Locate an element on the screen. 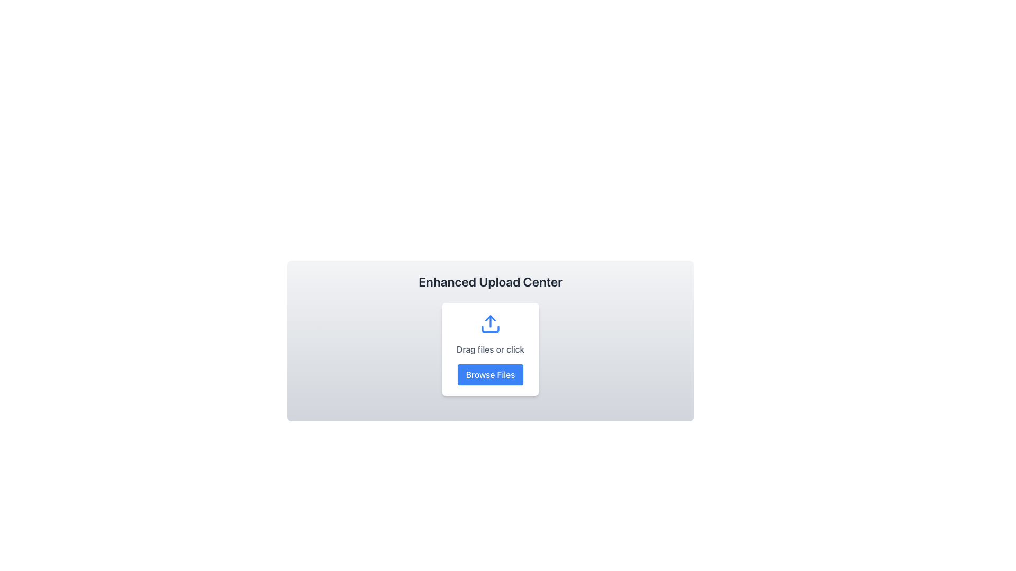  the text element that reads 'Enhanced Upload Center', which is styled with a large, bold gray font and centrally aligned on a light gray background is located at coordinates (489, 281).